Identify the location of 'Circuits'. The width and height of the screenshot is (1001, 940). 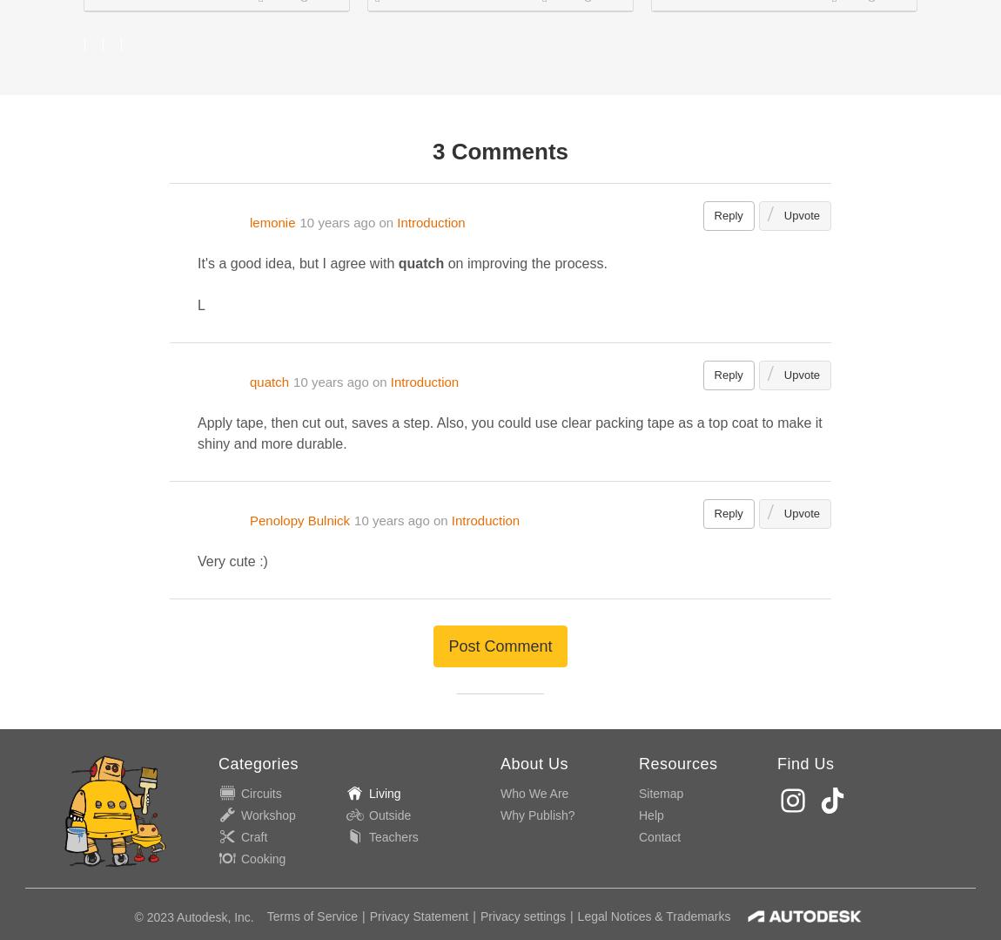
(261, 792).